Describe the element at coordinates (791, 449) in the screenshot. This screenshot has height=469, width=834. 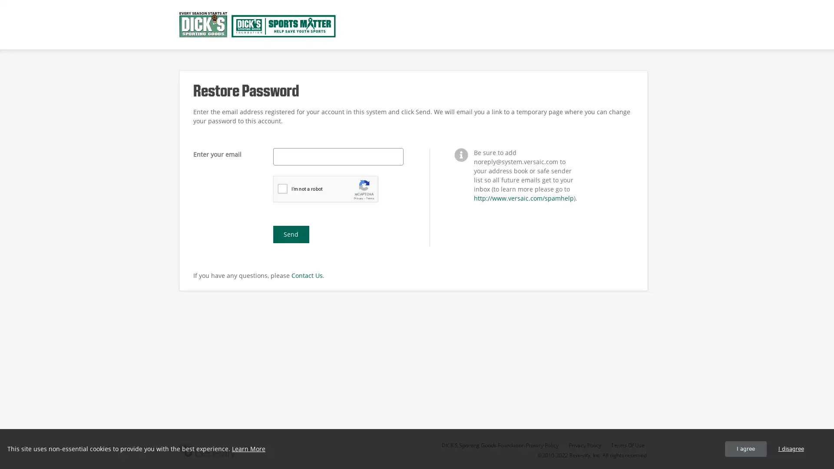
I see `I disagree` at that location.